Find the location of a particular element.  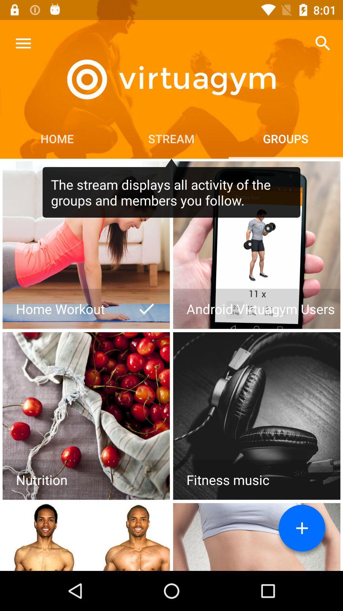

the icon above groups item is located at coordinates (323, 43).